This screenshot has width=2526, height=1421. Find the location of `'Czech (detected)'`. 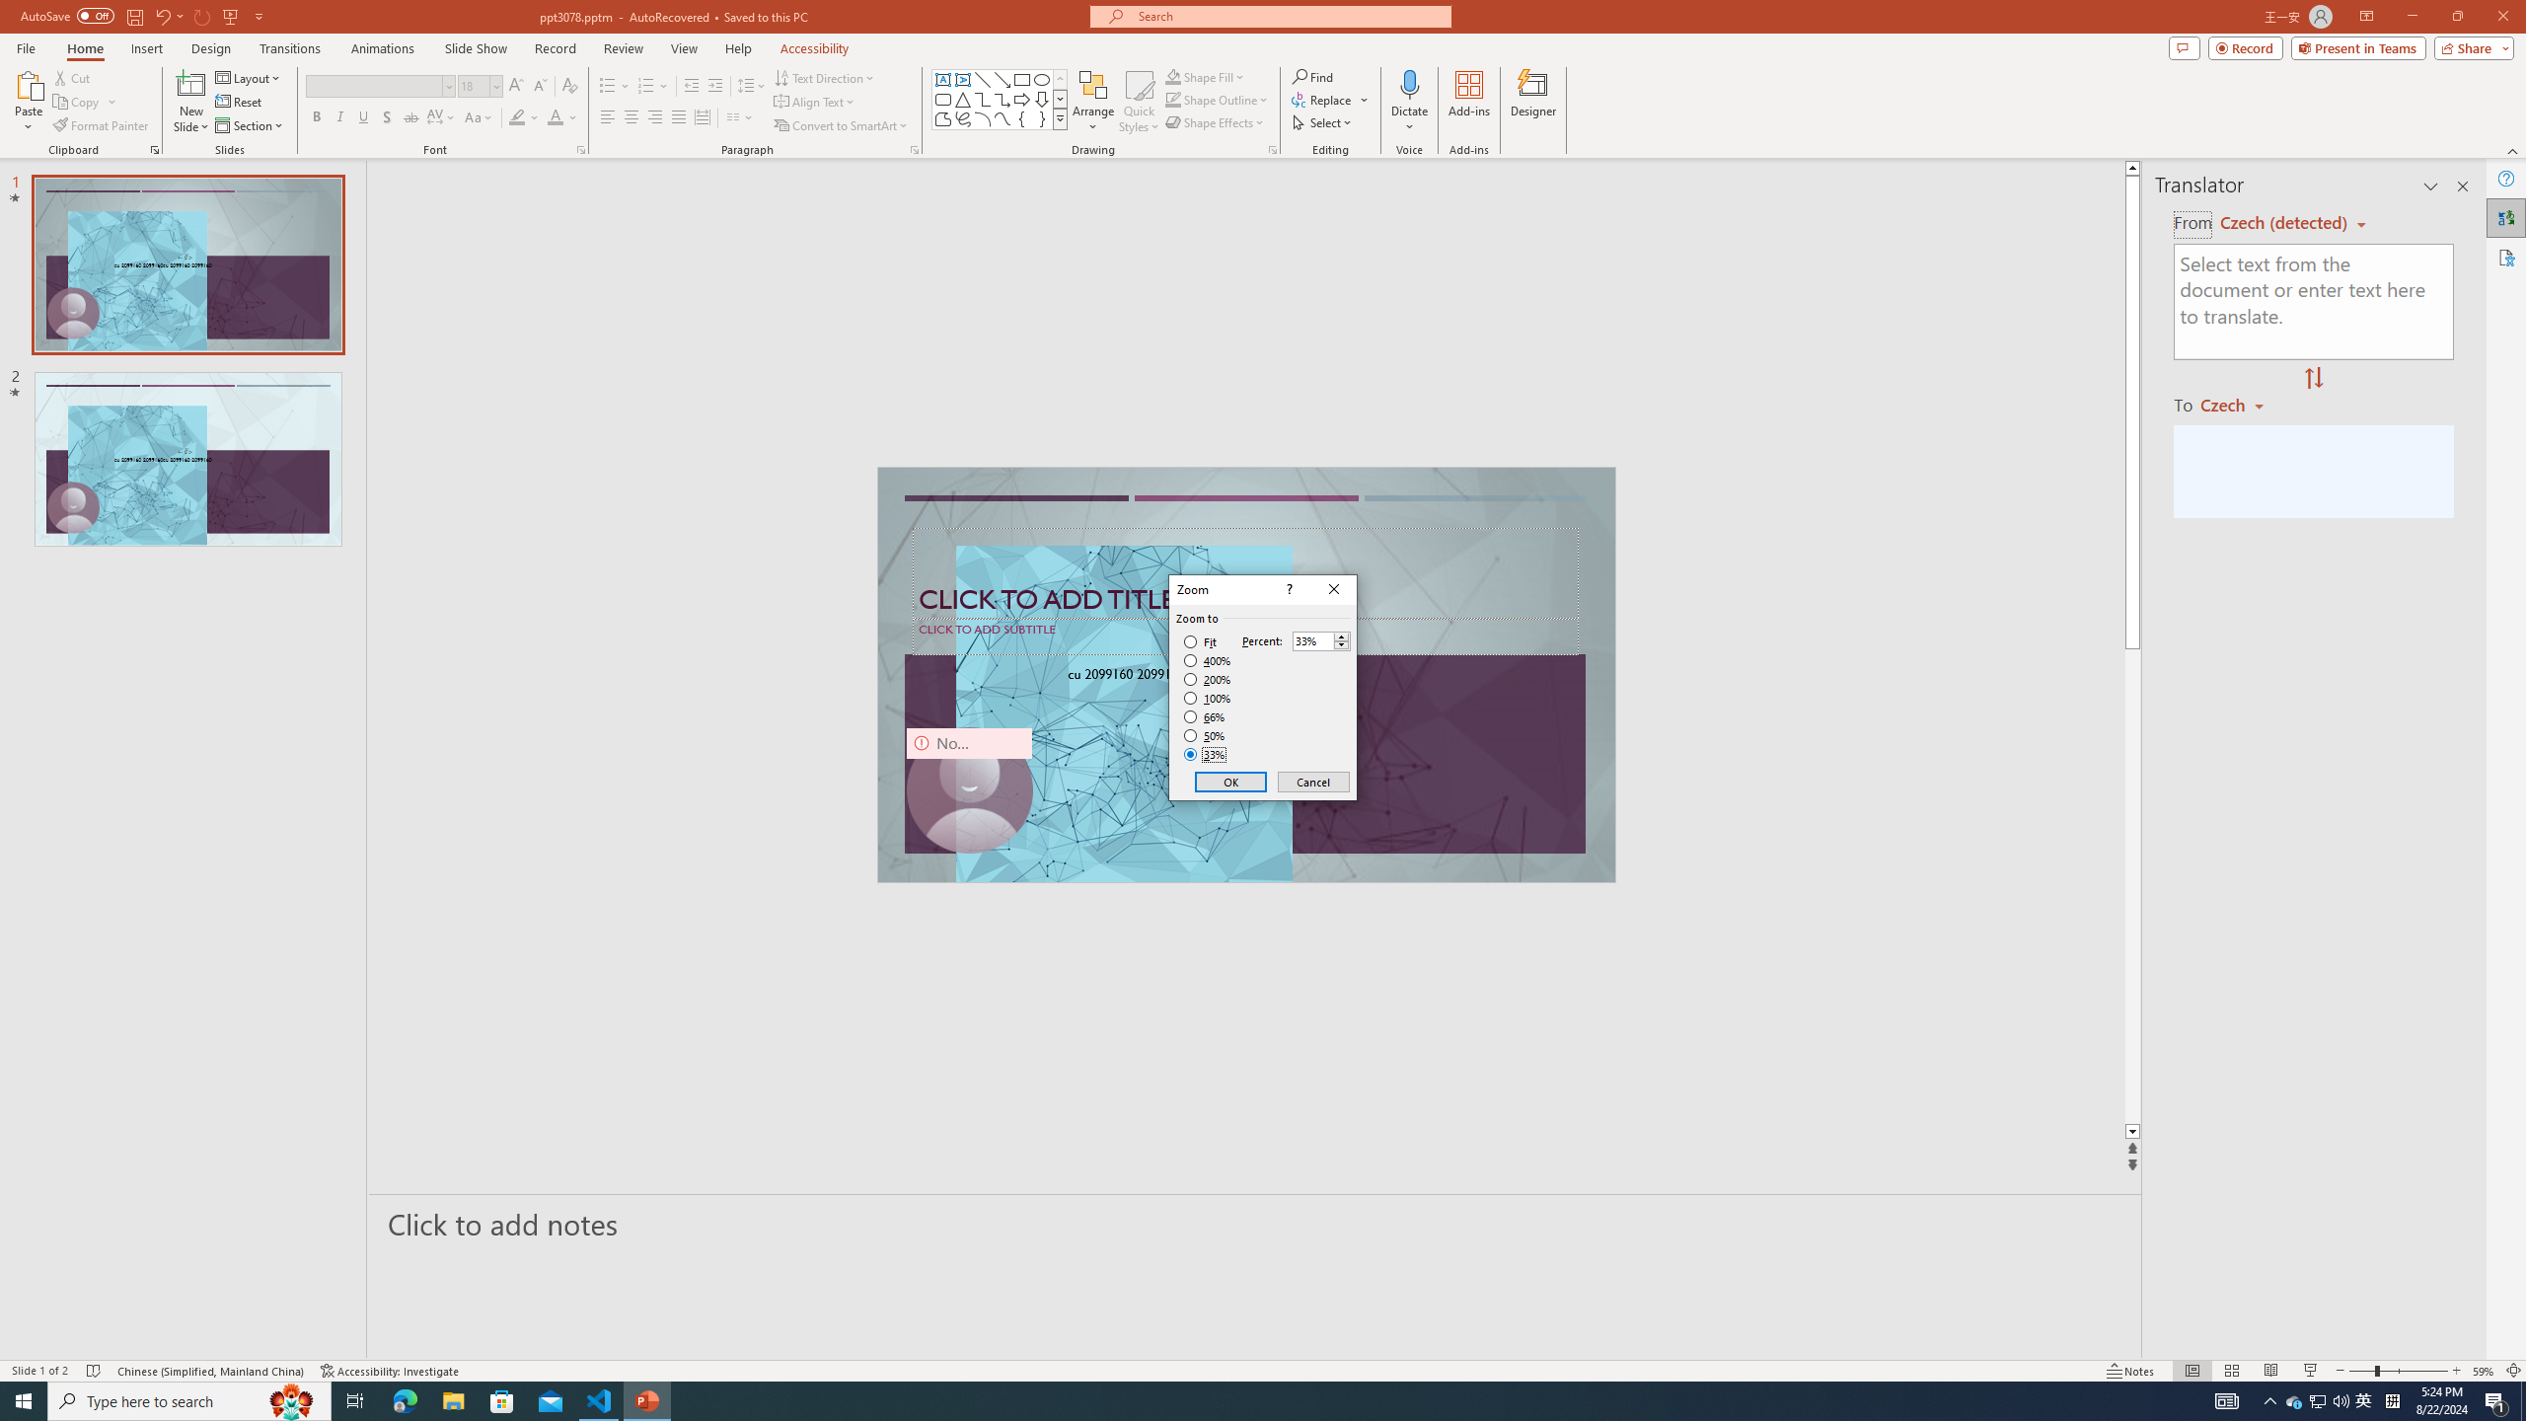

'Czech (detected)' is located at coordinates (2284, 222).